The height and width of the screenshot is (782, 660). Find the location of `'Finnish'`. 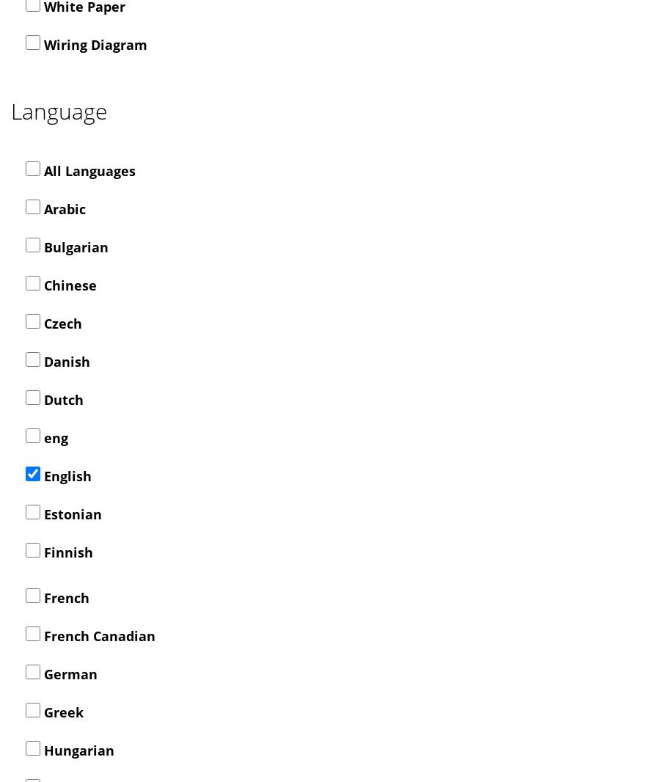

'Finnish' is located at coordinates (65, 550).